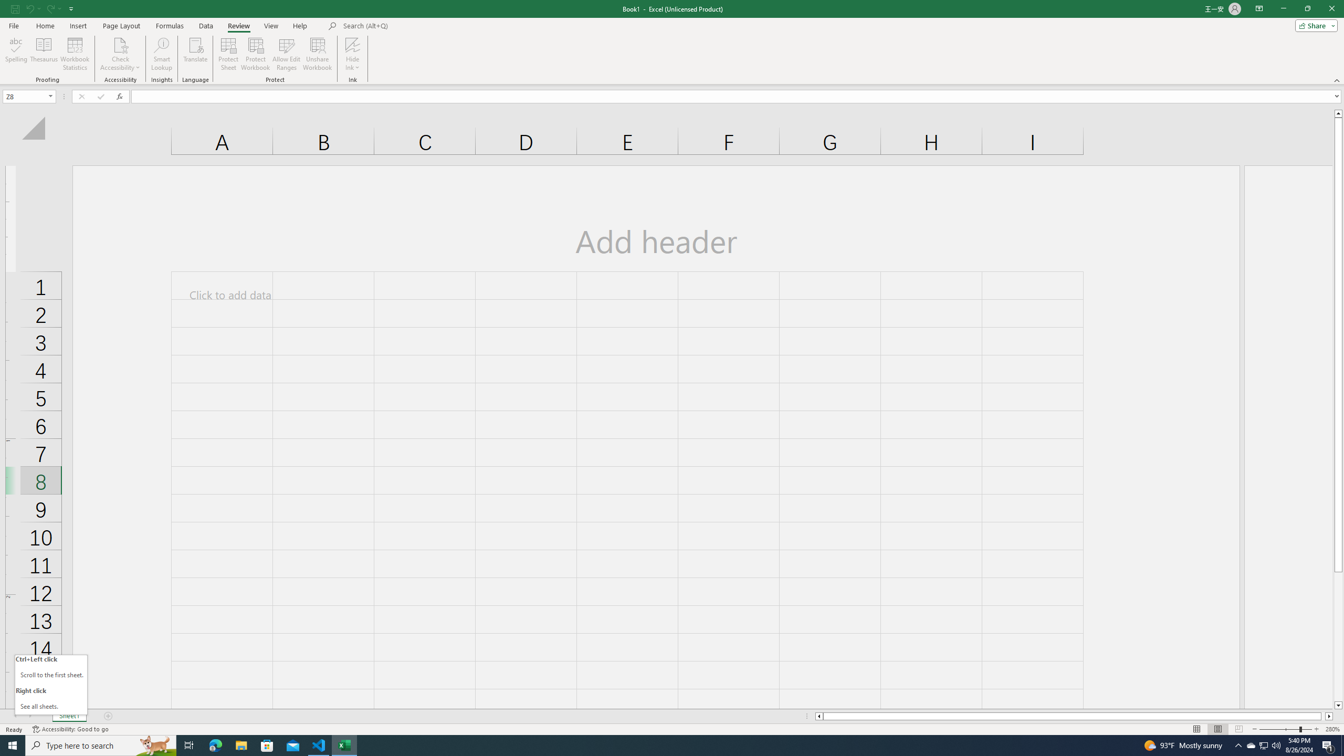 The image size is (1344, 756). What do you see at coordinates (1307, 8) in the screenshot?
I see `'Restore Down'` at bounding box center [1307, 8].